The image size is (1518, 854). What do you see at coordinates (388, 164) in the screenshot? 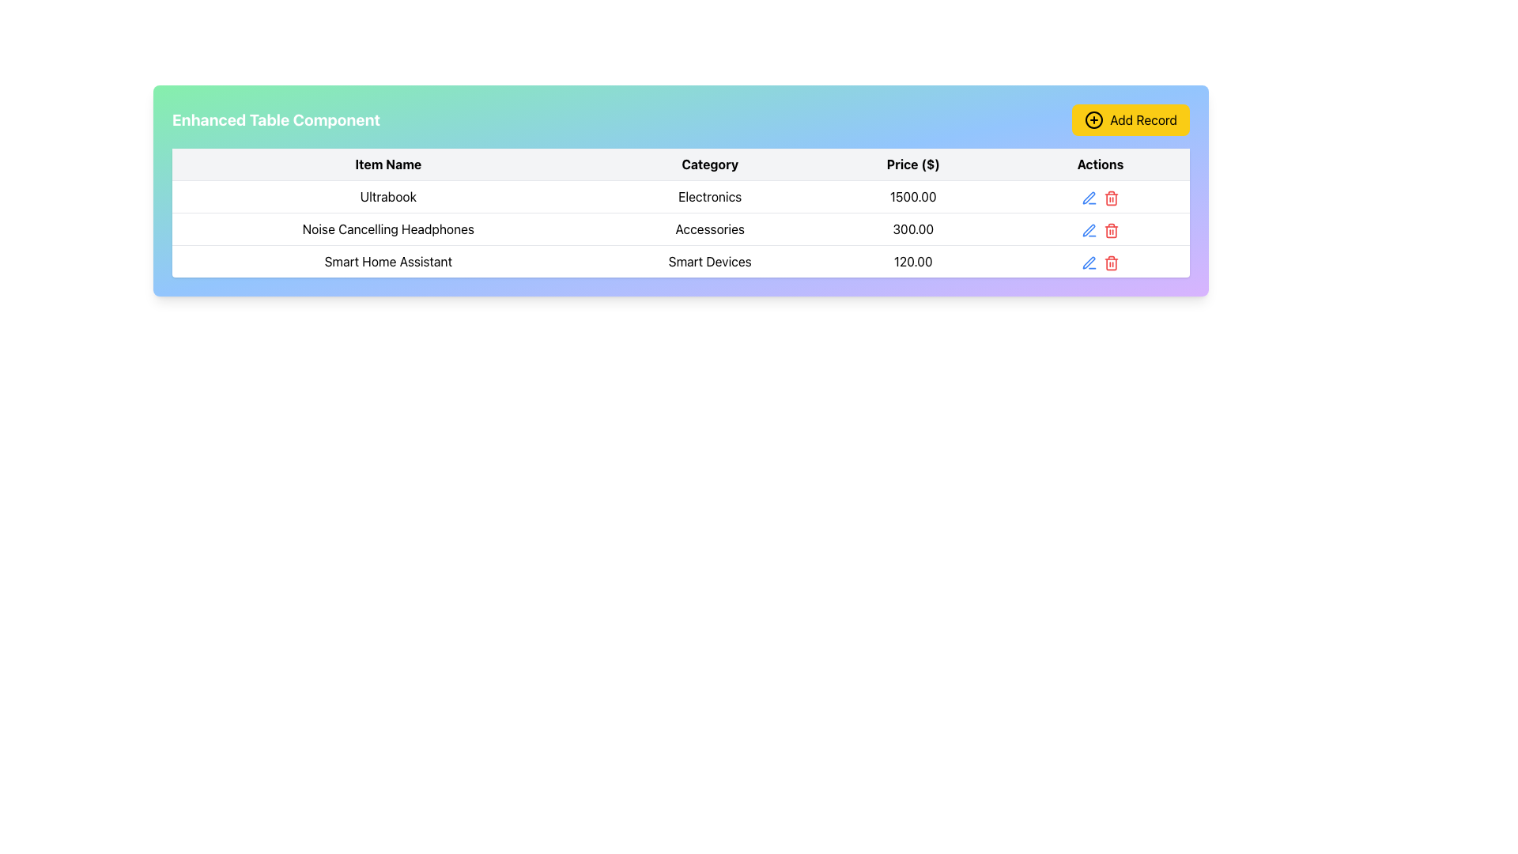
I see `the table header cell displaying the label 'Item Name', which is the first column header in the table's header row` at bounding box center [388, 164].